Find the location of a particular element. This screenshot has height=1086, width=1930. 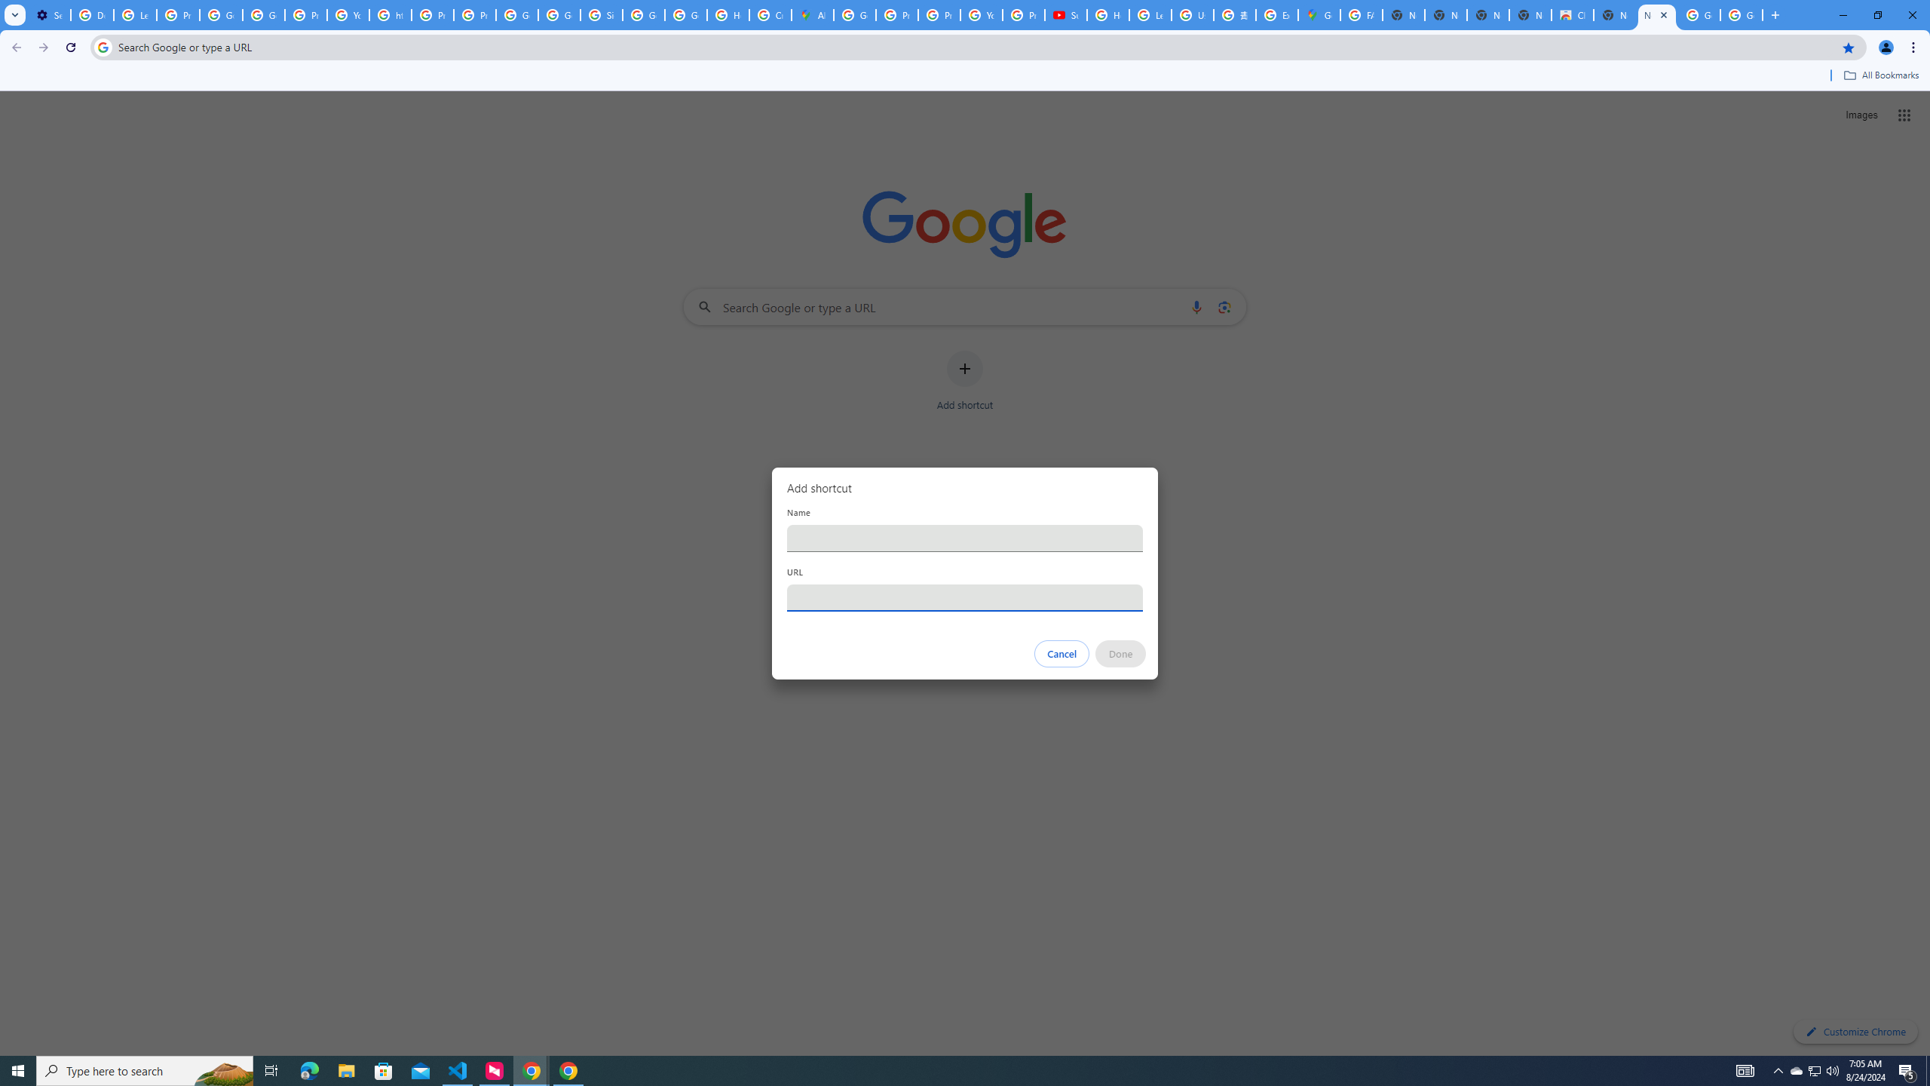

'Subscriptions - YouTube' is located at coordinates (1066, 14).